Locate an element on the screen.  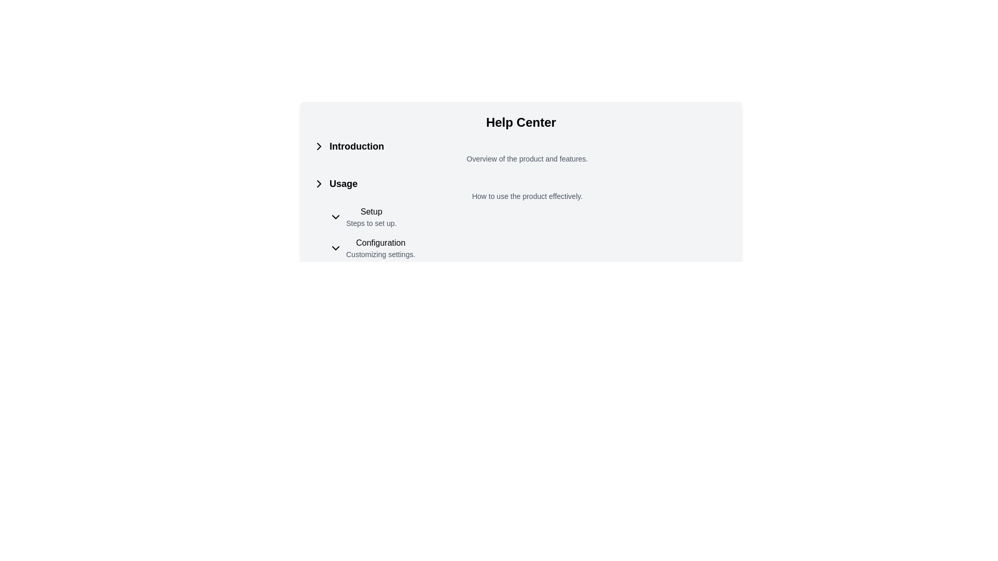
the Navigation Panel section titled 'Usage' is located at coordinates (521, 218).